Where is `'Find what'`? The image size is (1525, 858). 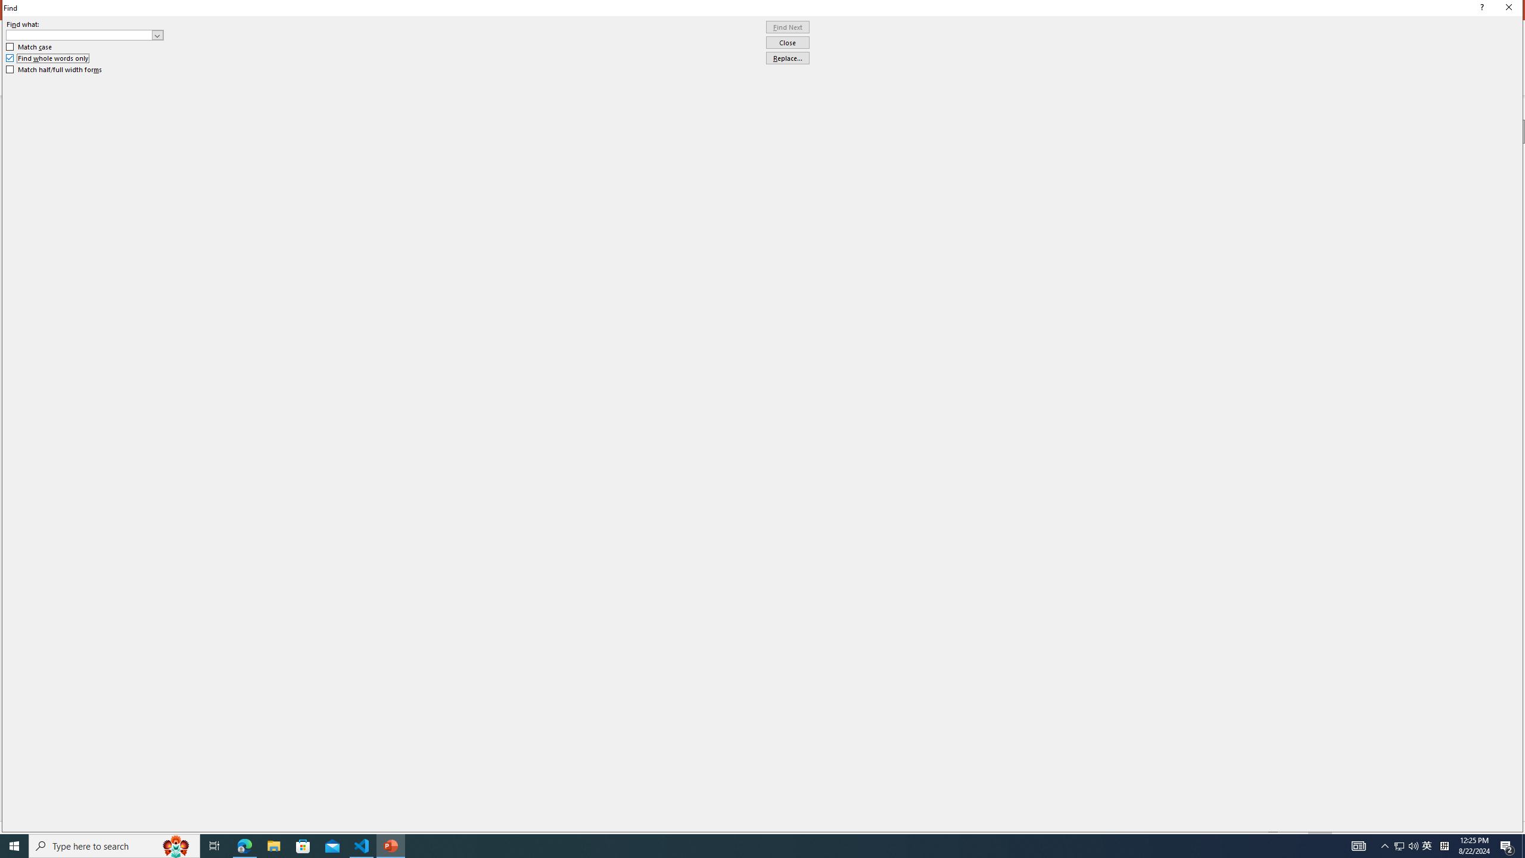
'Find what' is located at coordinates (85, 35).